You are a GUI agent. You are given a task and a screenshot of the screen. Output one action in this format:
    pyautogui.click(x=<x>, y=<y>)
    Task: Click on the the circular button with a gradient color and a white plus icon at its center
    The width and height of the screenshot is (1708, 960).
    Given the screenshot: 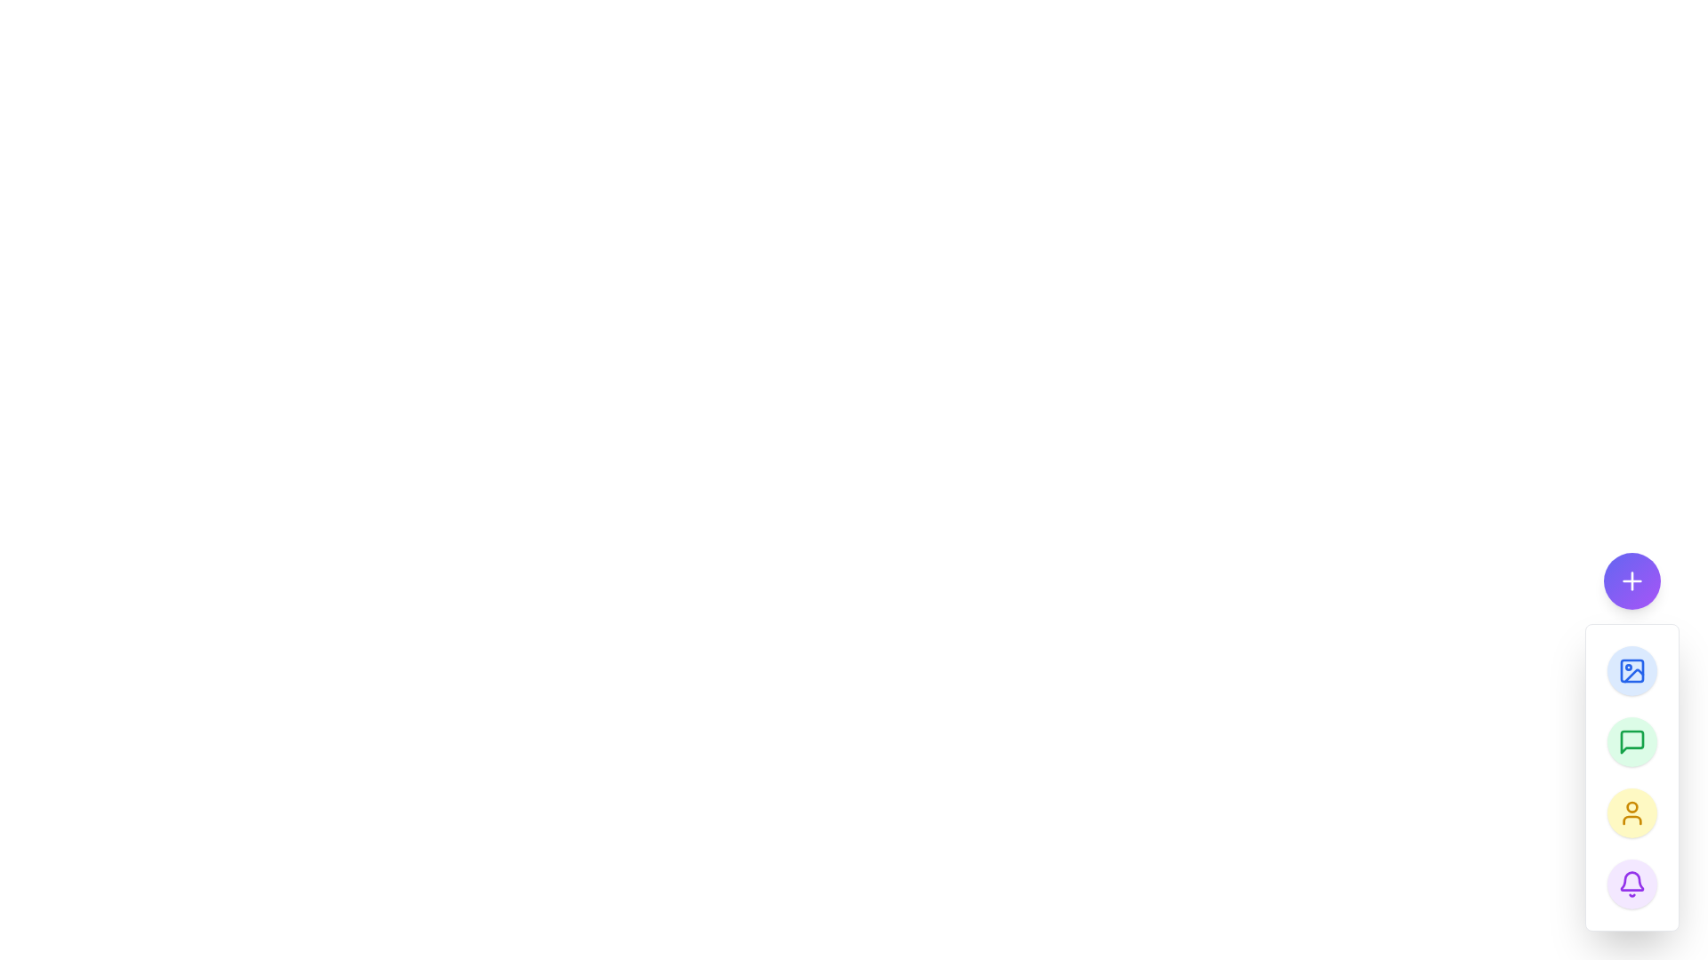 What is the action you would take?
    pyautogui.click(x=1631, y=581)
    